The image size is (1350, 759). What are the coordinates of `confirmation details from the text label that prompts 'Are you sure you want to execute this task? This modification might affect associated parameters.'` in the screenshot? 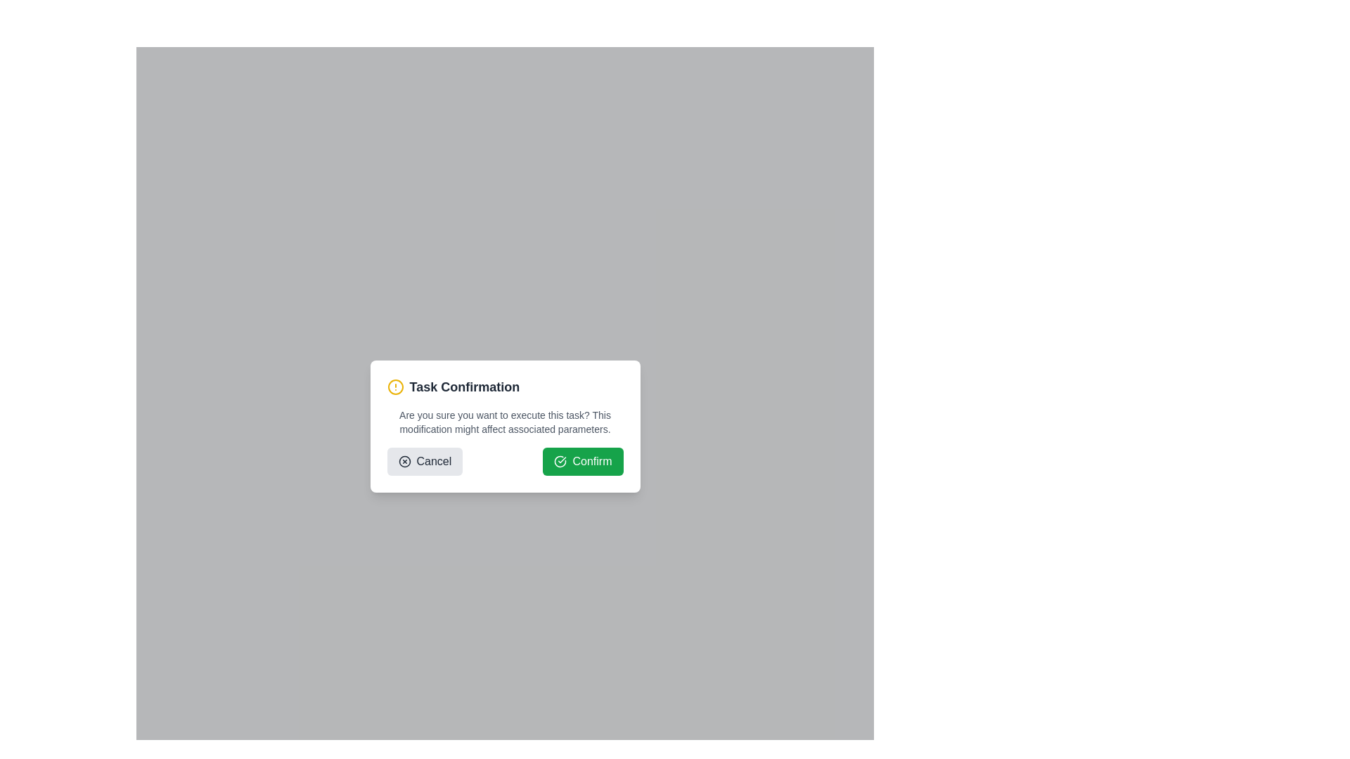 It's located at (505, 422).